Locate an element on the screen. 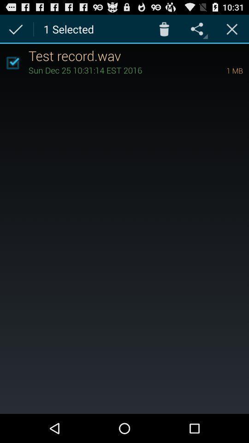 The width and height of the screenshot is (249, 443). the icon next to sun dec 25 item is located at coordinates (221, 70).